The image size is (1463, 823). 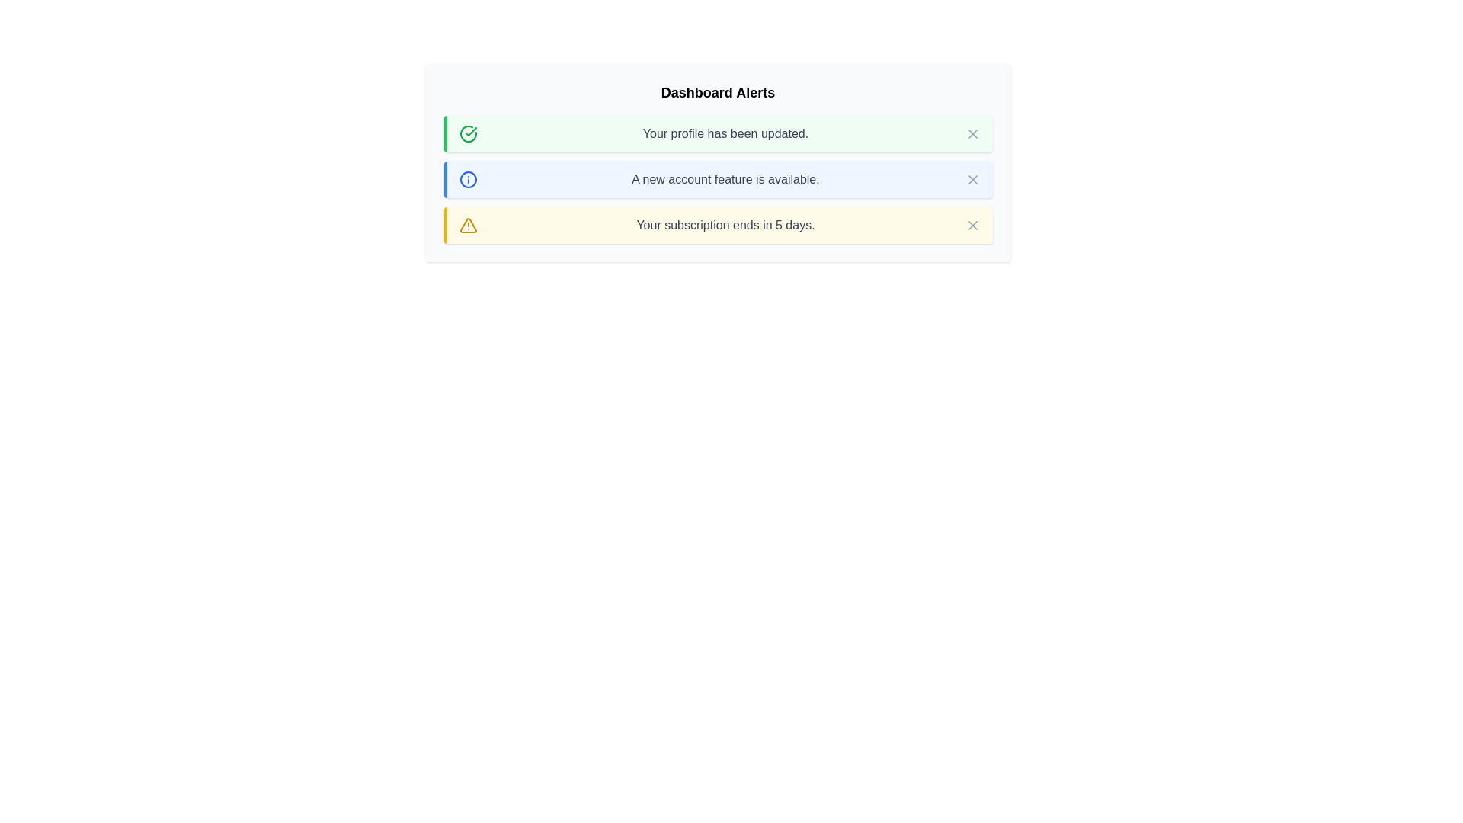 What do you see at coordinates (725, 133) in the screenshot?
I see `text label that says 'Your profile has been updated.' in the green-bordered notification box located in the Dashboard Alerts section` at bounding box center [725, 133].